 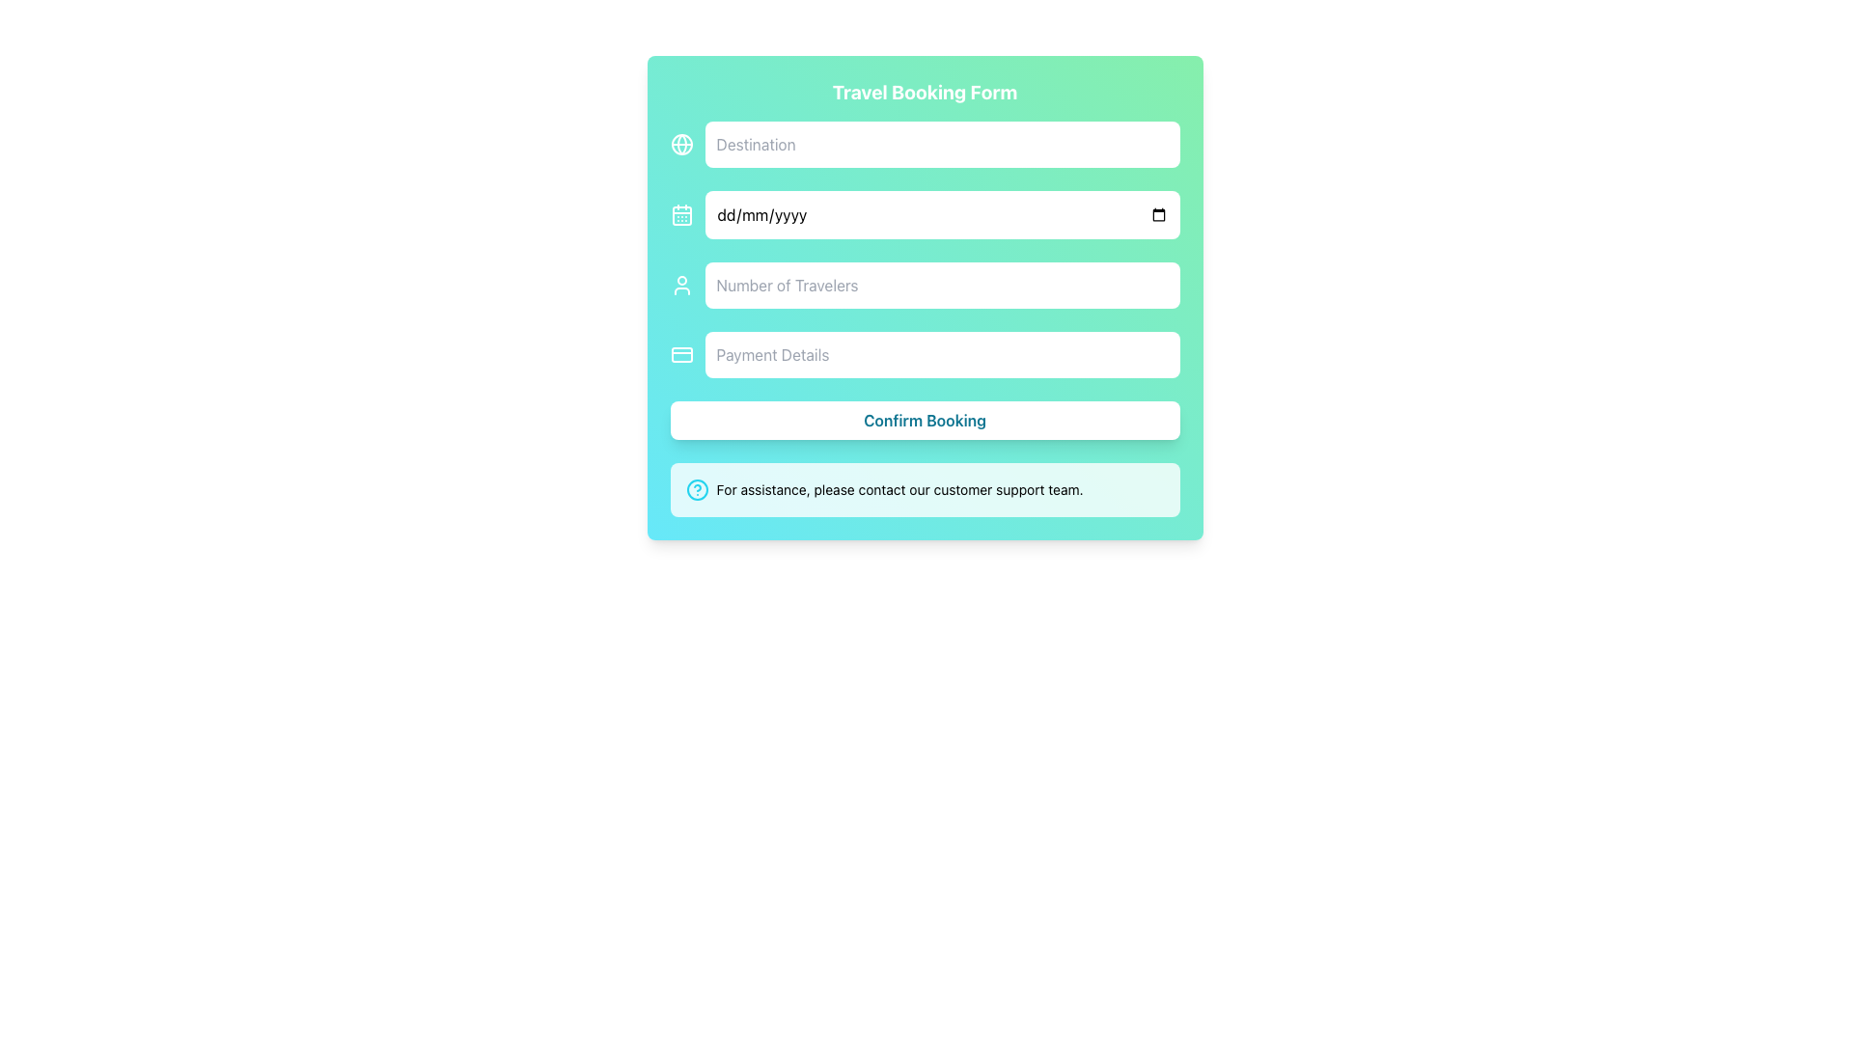 I want to click on the text element stating 'For assistance, please contact our customer support team.' which is styled in a small sans-serif font and positioned at the bottom of the form layout, adjacent to a help-related icon, so click(x=899, y=489).